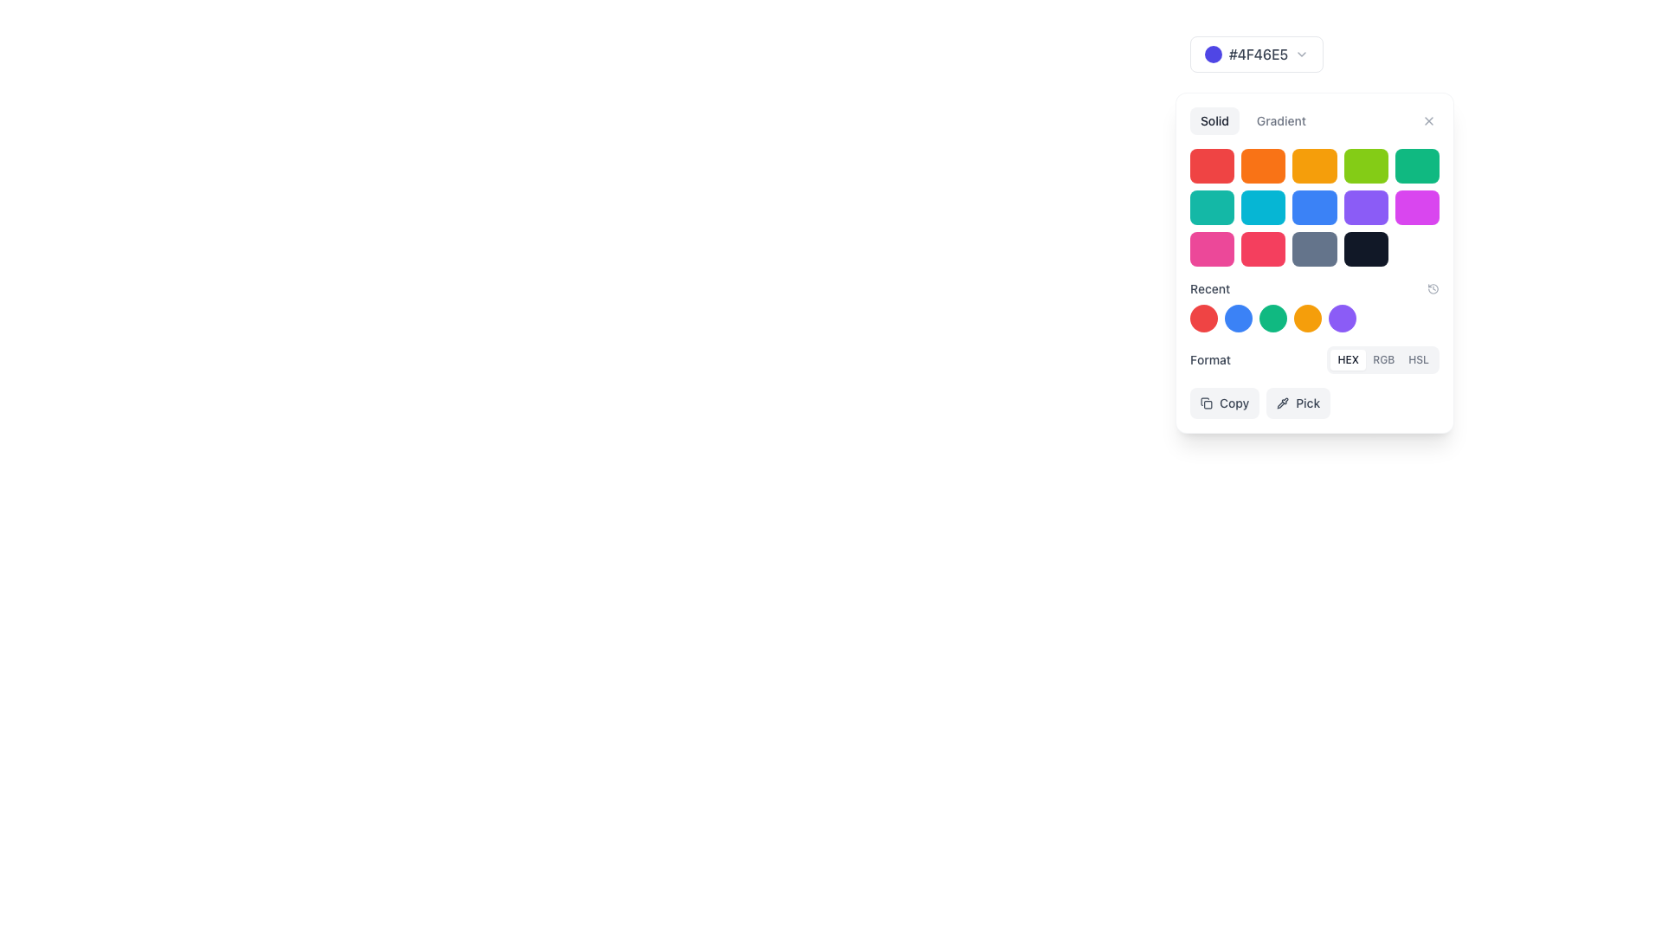 This screenshot has height=935, width=1662. What do you see at coordinates (1257, 53) in the screenshot?
I see `the first interactive button in the color selector interface` at bounding box center [1257, 53].